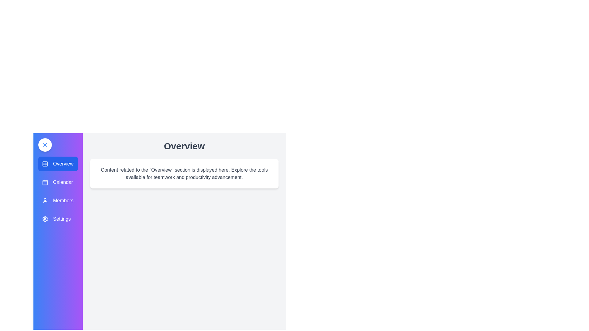 The image size is (589, 331). I want to click on the Members panel by clicking on its corresponding button in the sidebar, so click(58, 201).